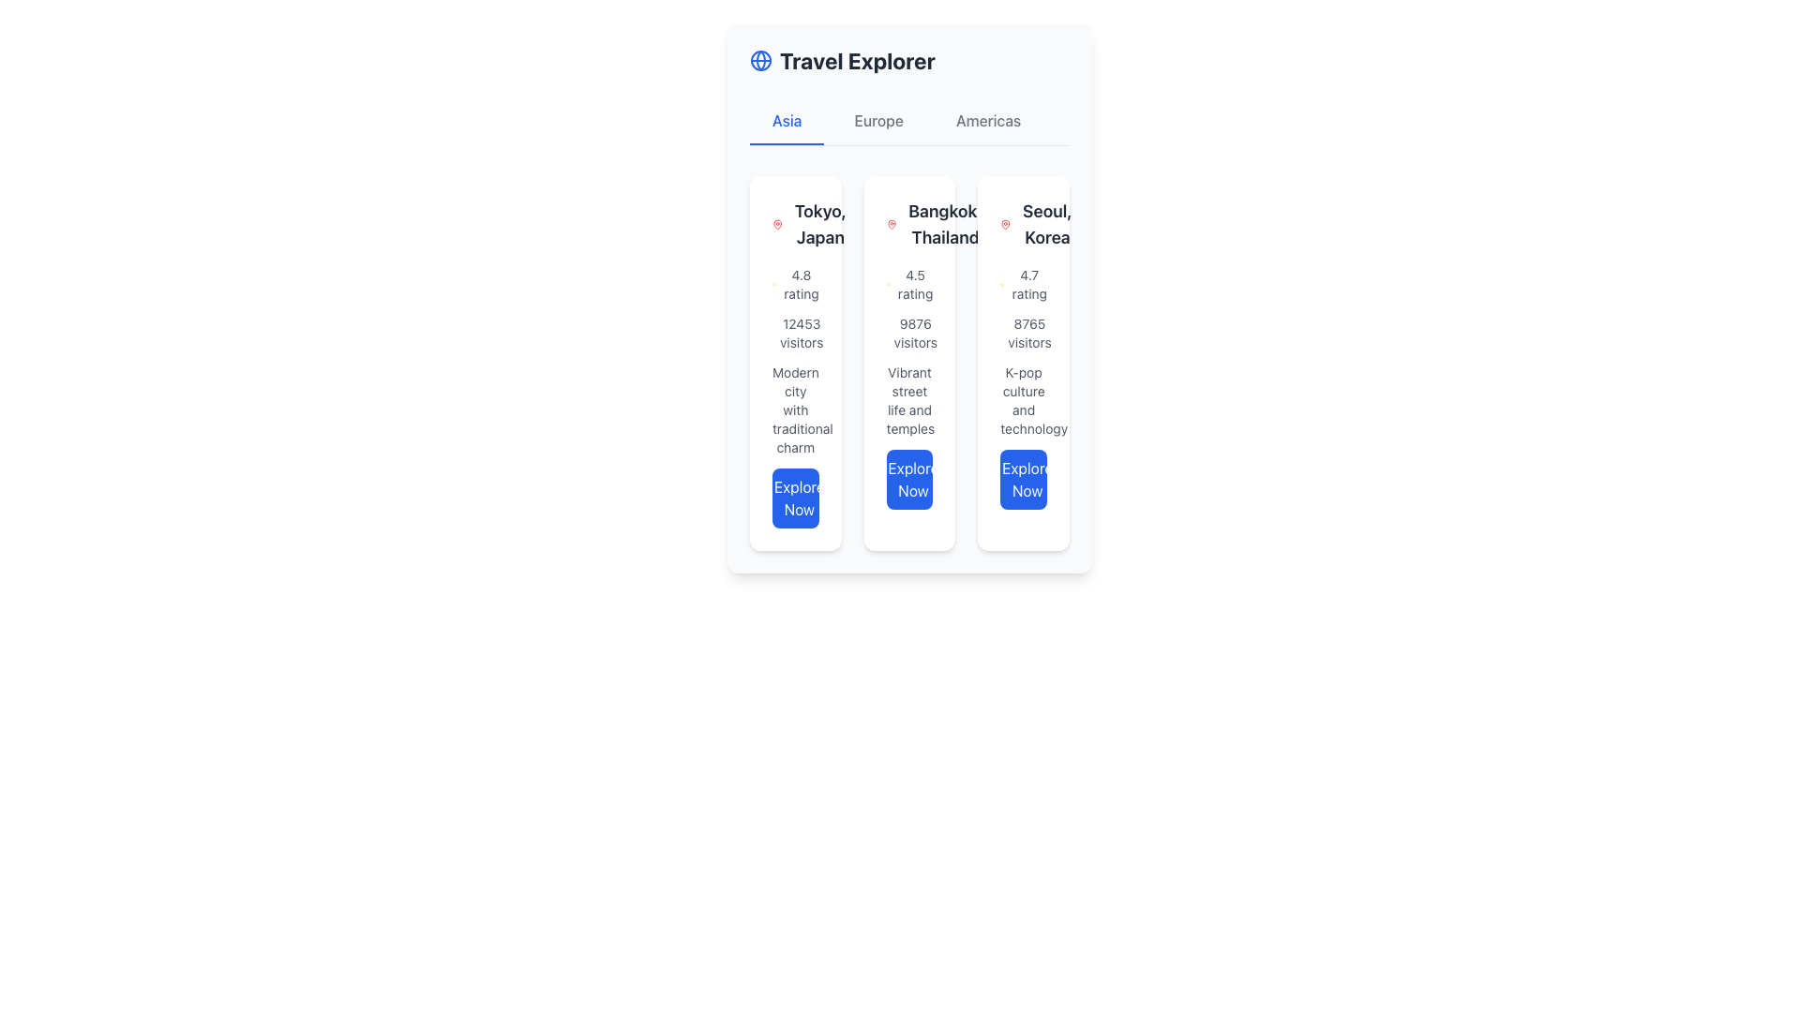 Image resolution: width=1800 pixels, height=1012 pixels. What do you see at coordinates (787, 122) in the screenshot?
I see `the 'Asia' tab, which is the first button in the horizontal selector bar of the 'Travel Explorer' panel` at bounding box center [787, 122].